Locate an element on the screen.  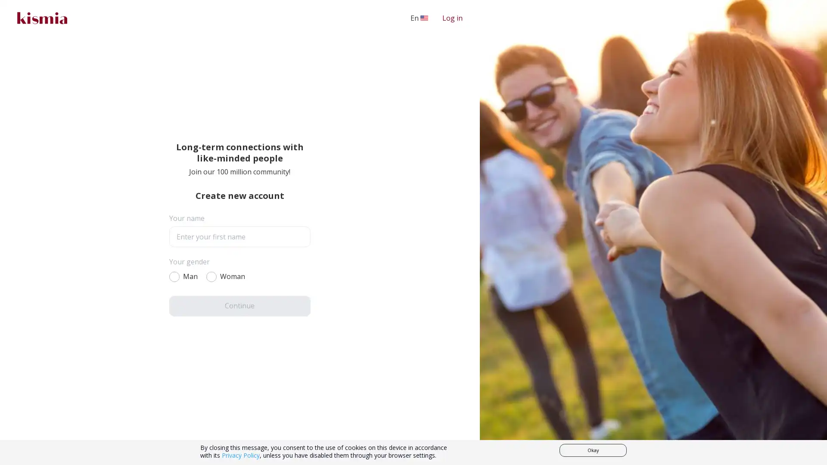
Continue is located at coordinates (239, 305).